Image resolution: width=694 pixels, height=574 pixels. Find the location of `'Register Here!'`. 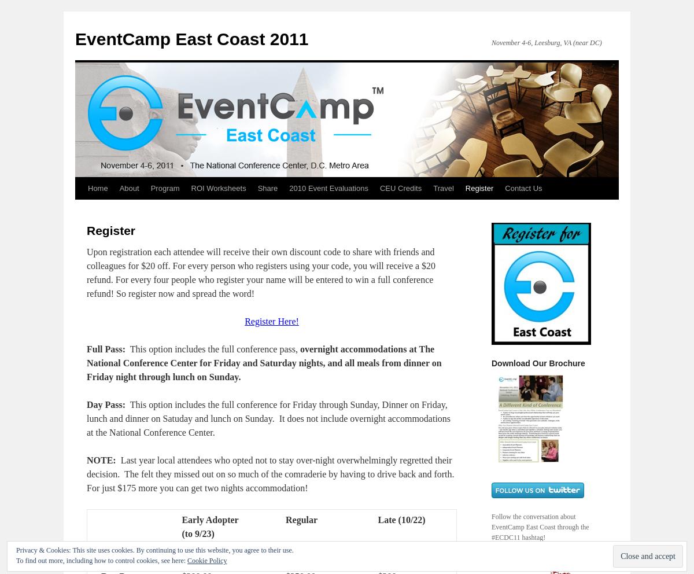

'Register Here!' is located at coordinates (271, 321).